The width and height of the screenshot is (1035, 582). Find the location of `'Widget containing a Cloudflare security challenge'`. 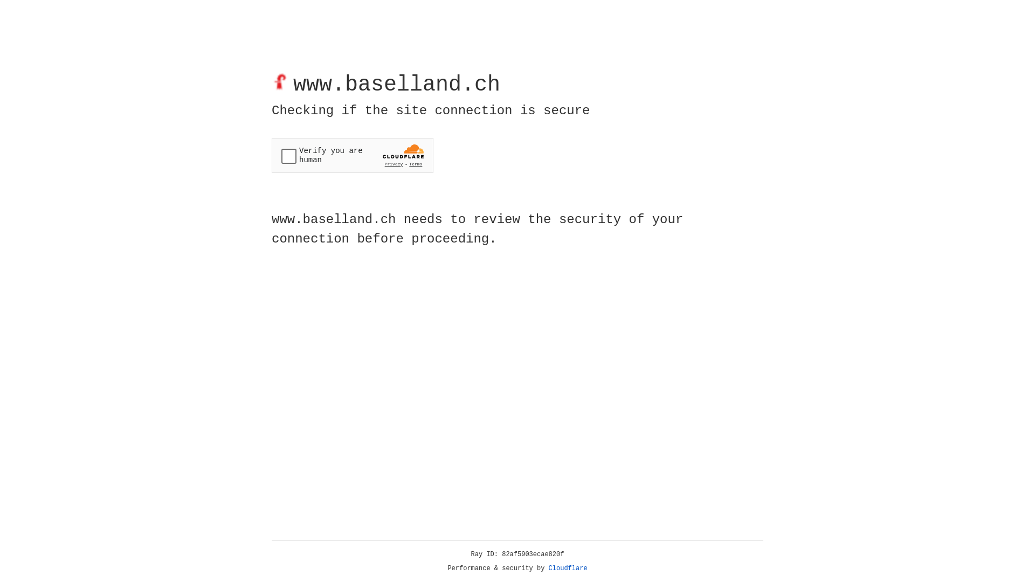

'Widget containing a Cloudflare security challenge' is located at coordinates (352, 155).